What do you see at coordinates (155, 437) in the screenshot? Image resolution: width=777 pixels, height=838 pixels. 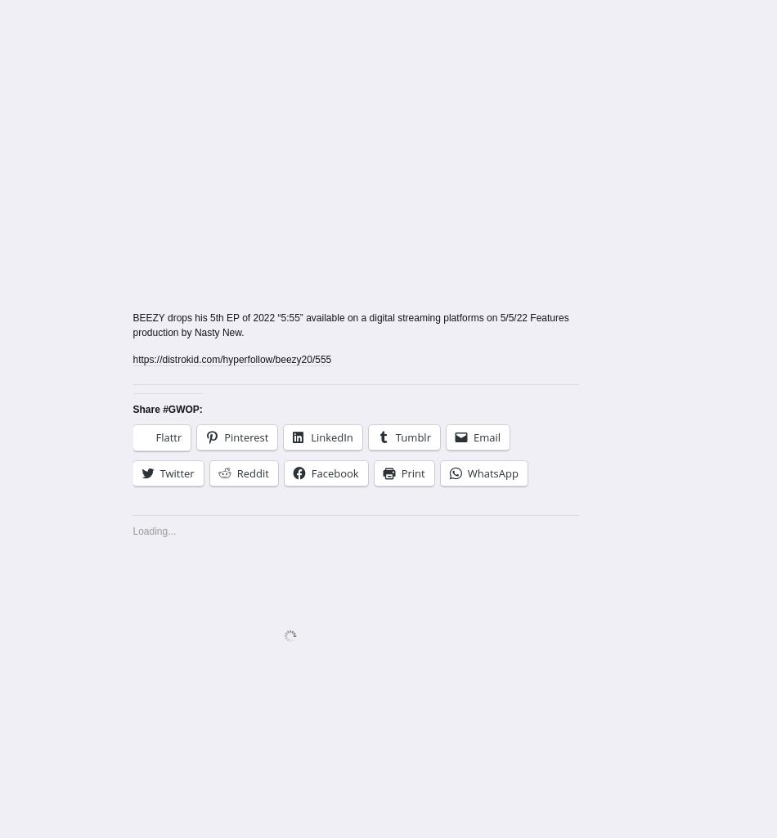 I see `'Flattr'` at bounding box center [155, 437].